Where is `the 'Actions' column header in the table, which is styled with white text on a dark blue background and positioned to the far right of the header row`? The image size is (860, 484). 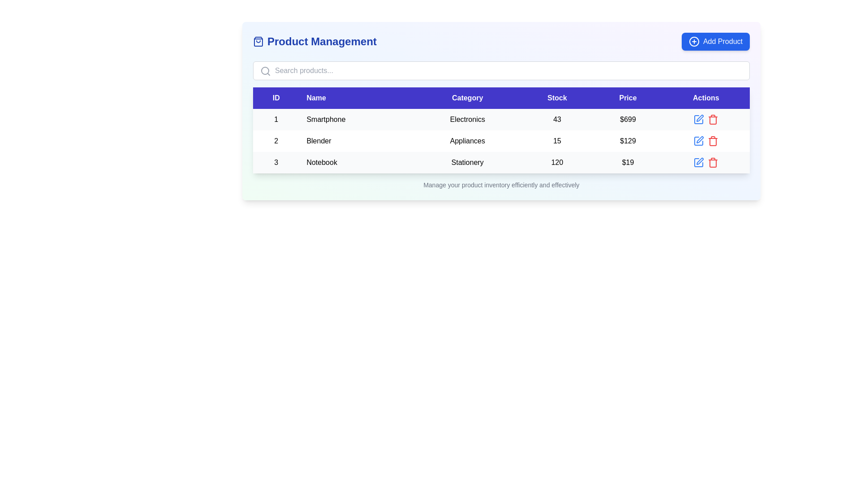
the 'Actions' column header in the table, which is styled with white text on a dark blue background and positioned to the far right of the header row is located at coordinates (705, 98).